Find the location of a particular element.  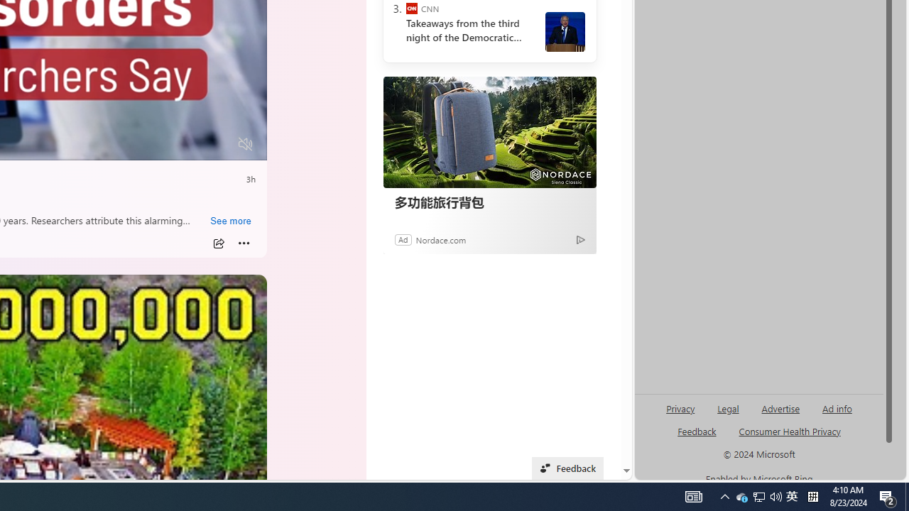

'Nordace.com' is located at coordinates (440, 238).